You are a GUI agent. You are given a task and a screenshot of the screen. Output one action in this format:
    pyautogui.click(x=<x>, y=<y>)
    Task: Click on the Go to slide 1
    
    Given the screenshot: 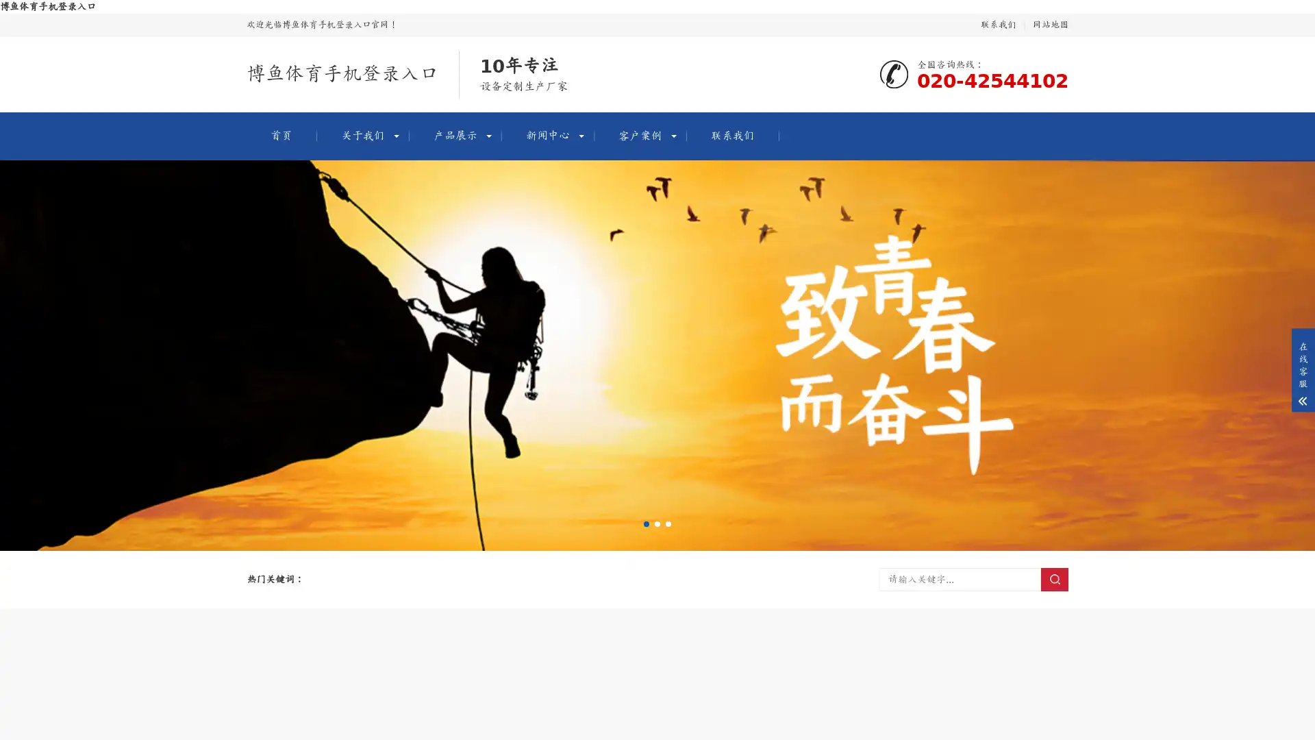 What is the action you would take?
    pyautogui.click(x=646, y=523)
    